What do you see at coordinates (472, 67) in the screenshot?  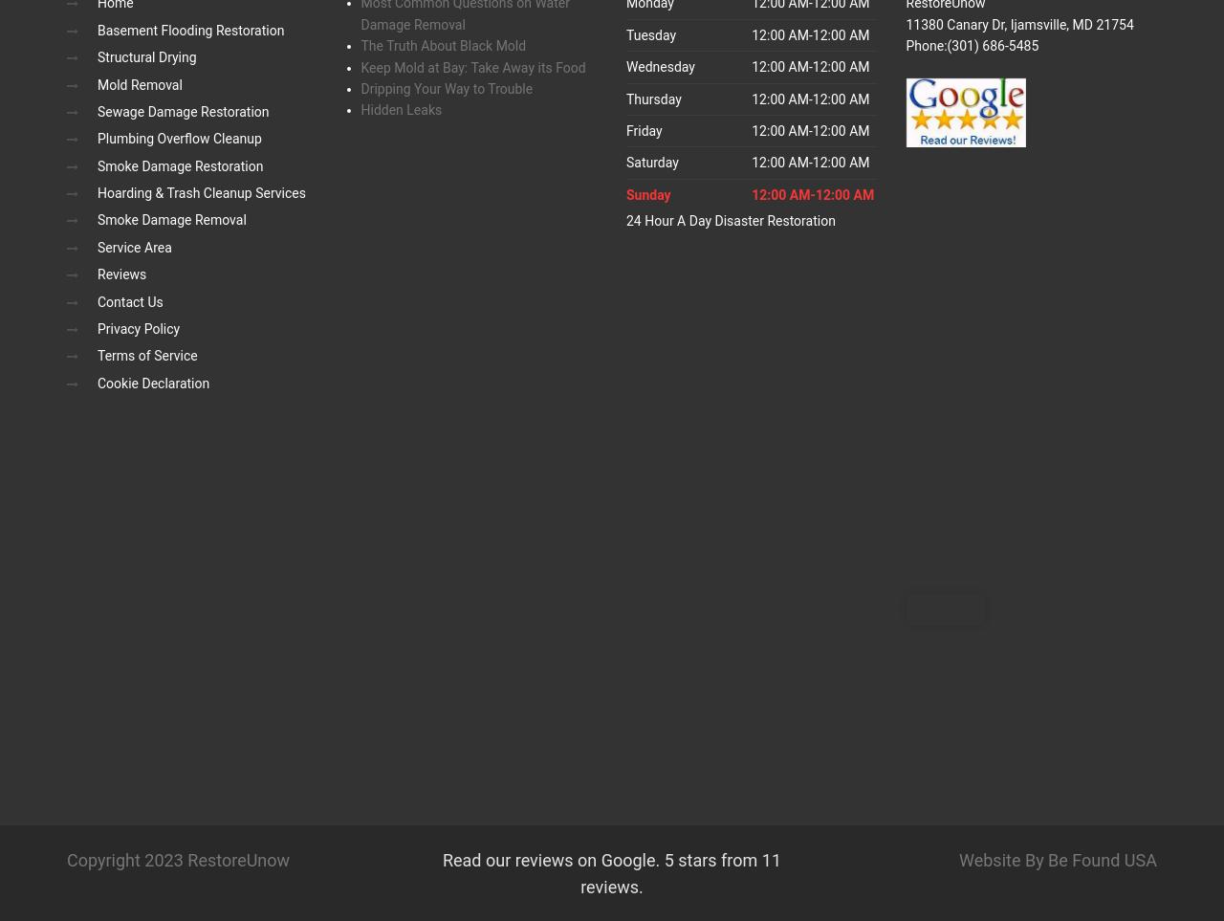 I see `'Keep Mold at Bay: Take Away its Food'` at bounding box center [472, 67].